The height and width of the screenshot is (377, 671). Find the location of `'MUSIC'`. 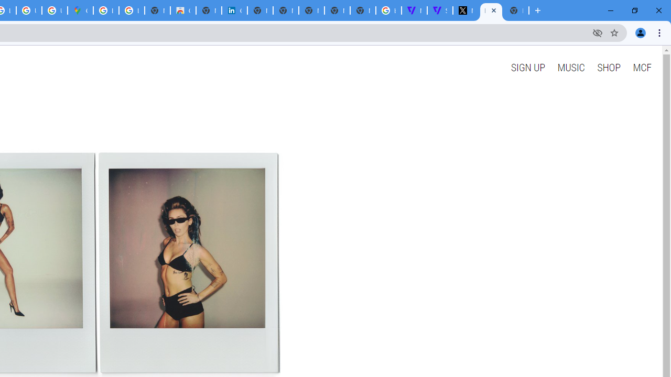

'MUSIC' is located at coordinates (570, 67).